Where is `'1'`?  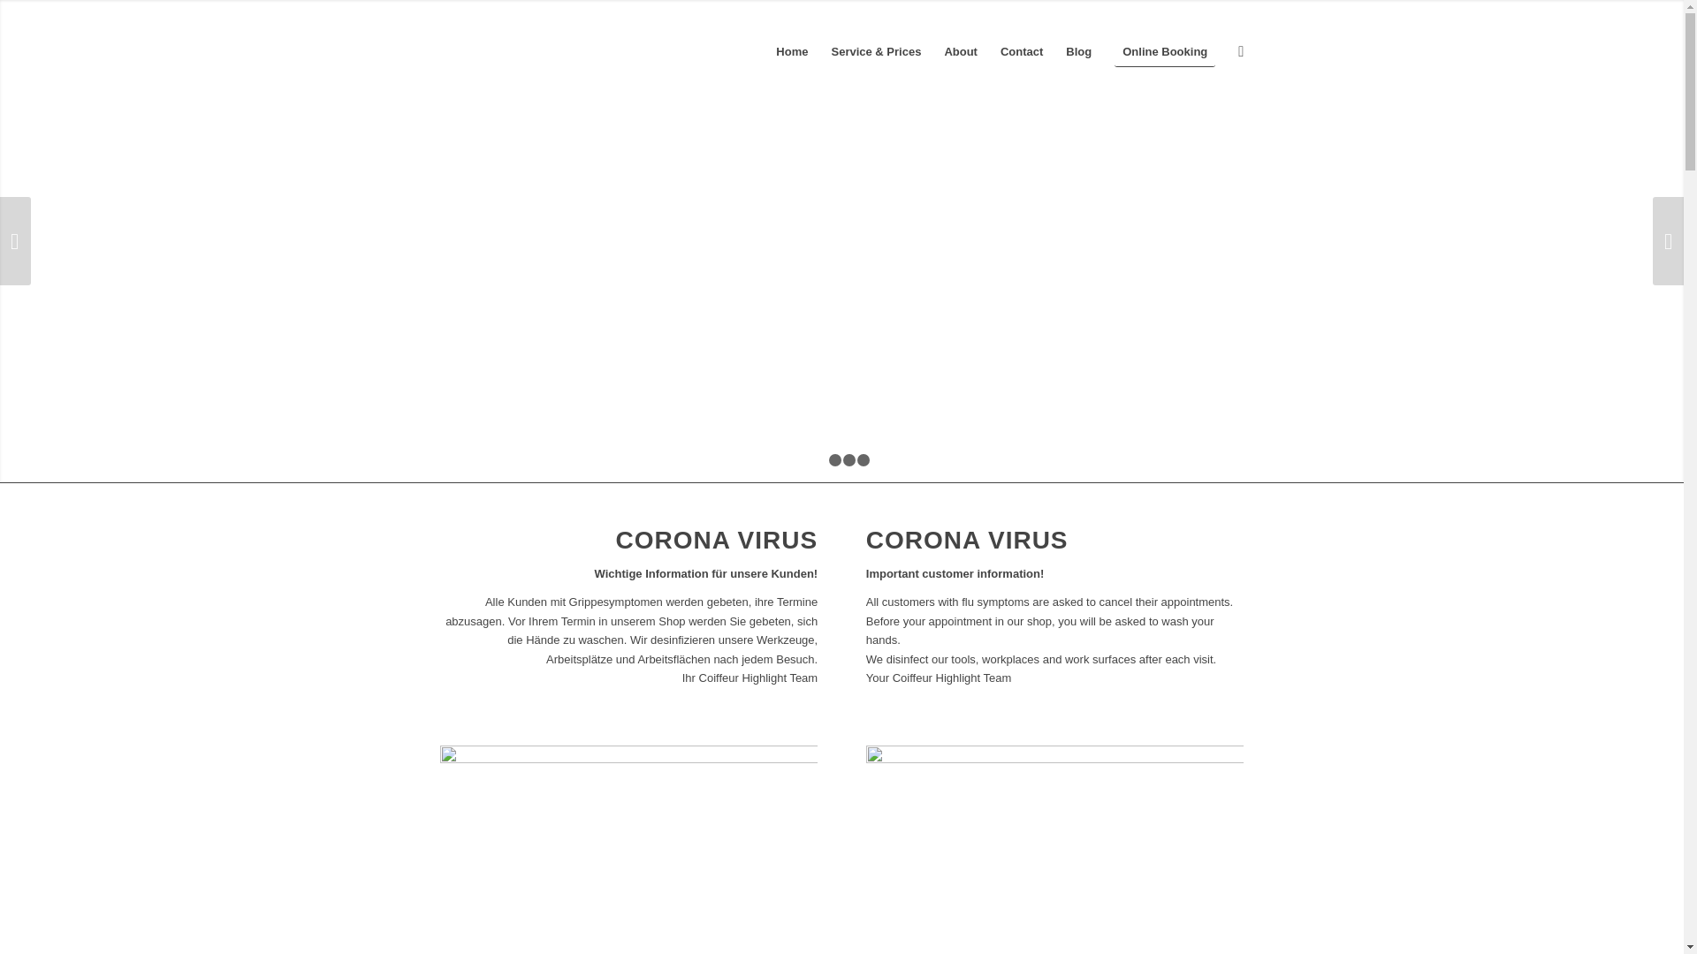 '1' is located at coordinates (820, 458).